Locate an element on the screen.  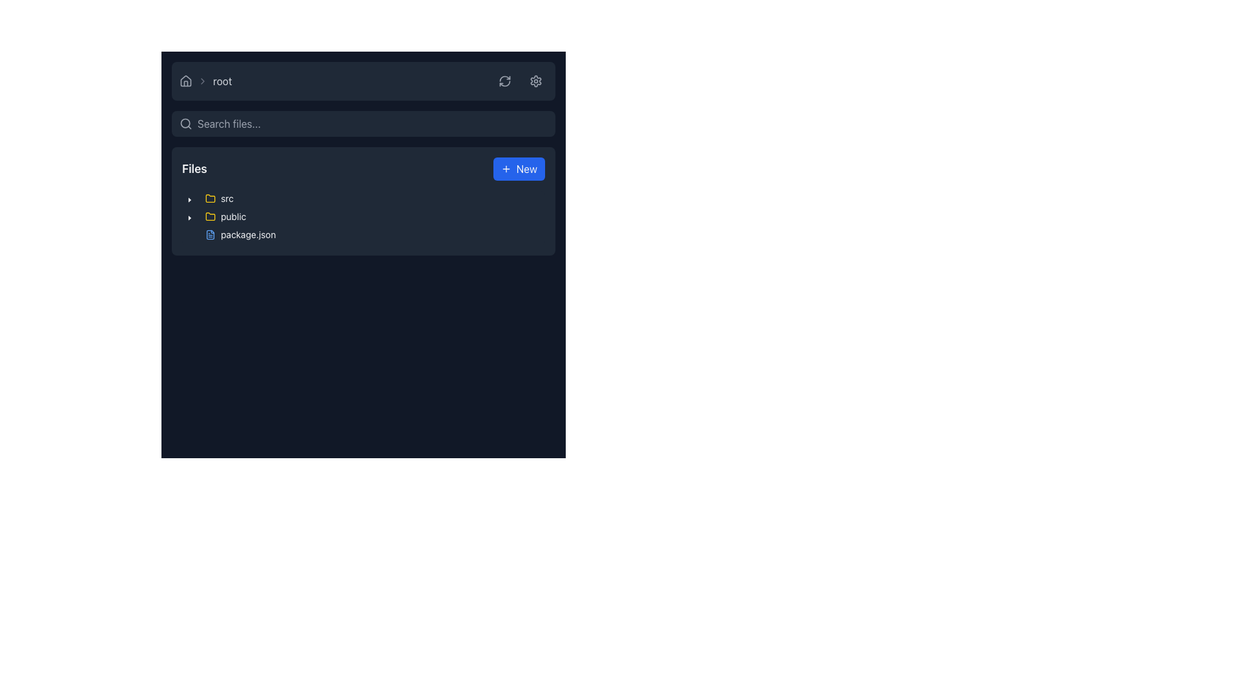
the folder icon located at the top left corner of the horizontal grouping, which is adjacent to the text label 'src' is located at coordinates (211, 199).